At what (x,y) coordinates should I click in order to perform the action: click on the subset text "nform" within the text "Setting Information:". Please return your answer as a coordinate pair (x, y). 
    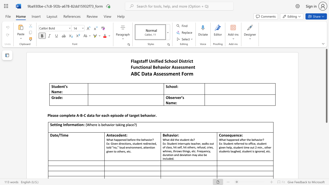
    Looking at the image, I should click on (64, 125).